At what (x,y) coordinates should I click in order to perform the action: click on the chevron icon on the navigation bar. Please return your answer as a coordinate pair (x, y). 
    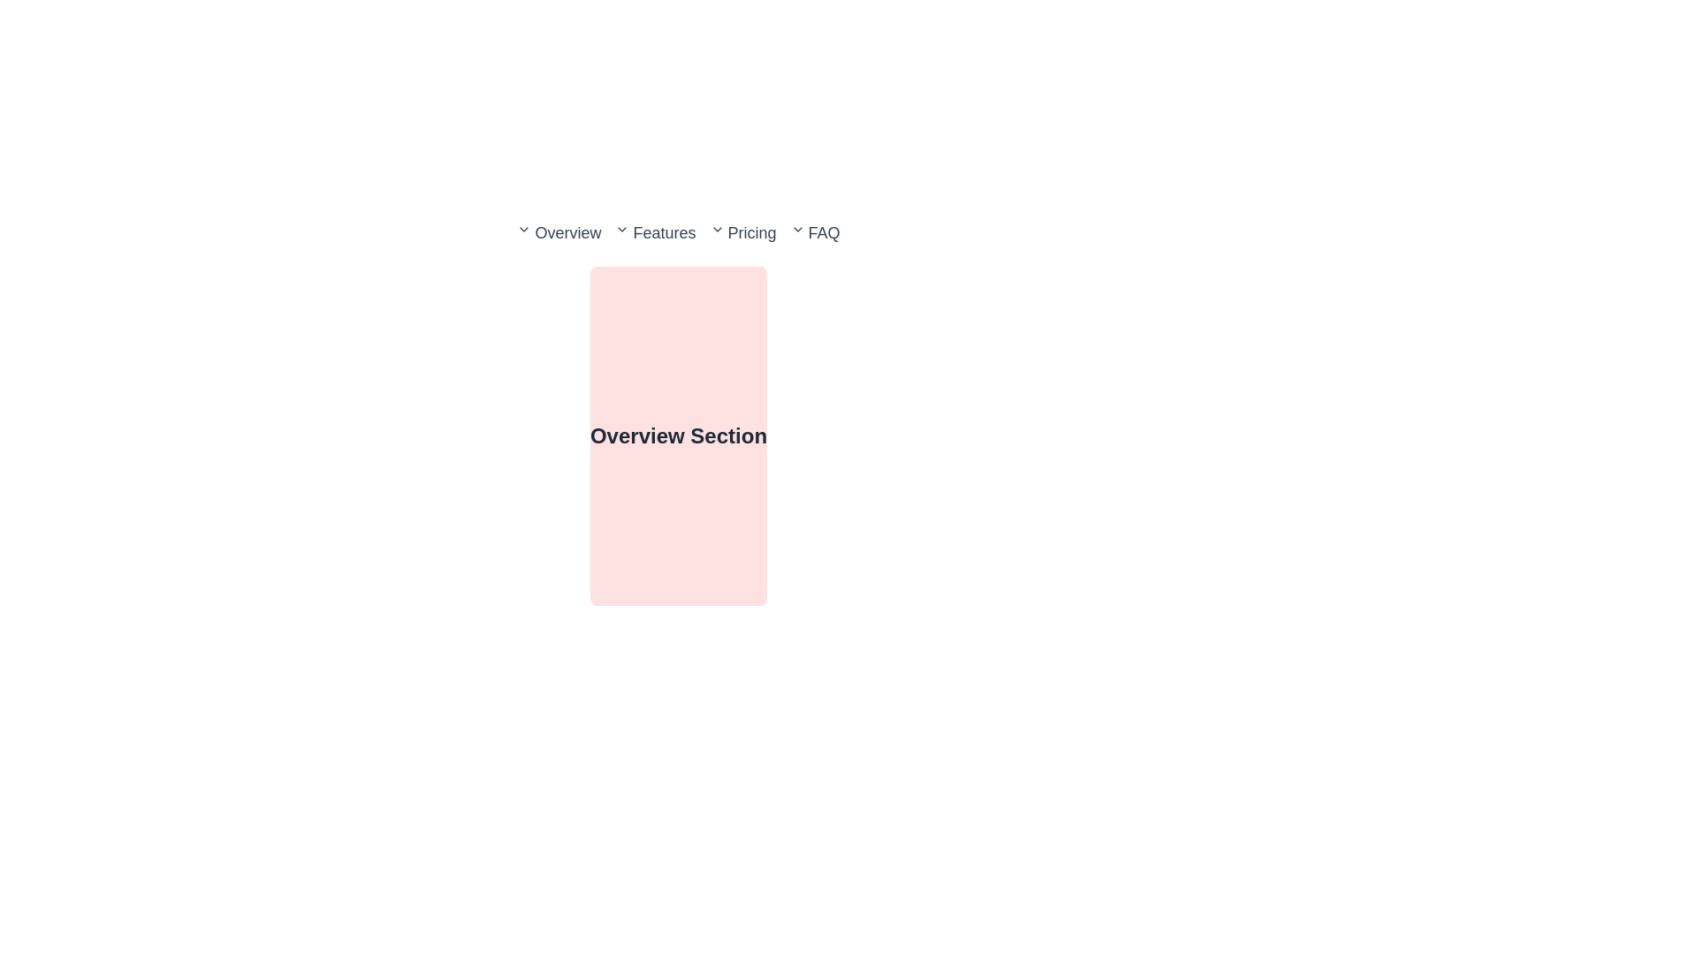
    Looking at the image, I should click on (678, 231).